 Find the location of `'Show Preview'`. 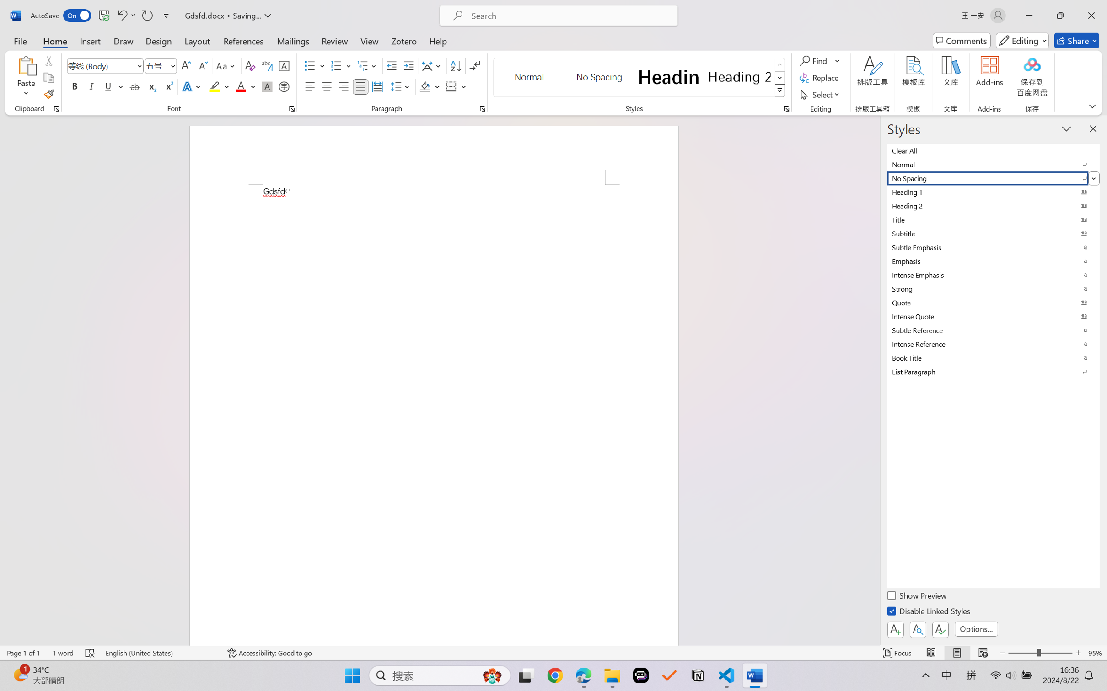

'Show Preview' is located at coordinates (918, 596).